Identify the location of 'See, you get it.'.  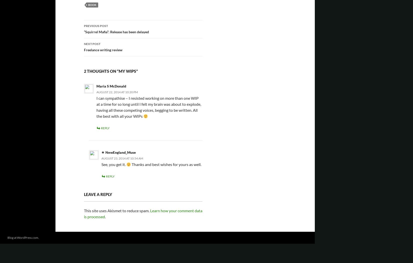
(114, 164).